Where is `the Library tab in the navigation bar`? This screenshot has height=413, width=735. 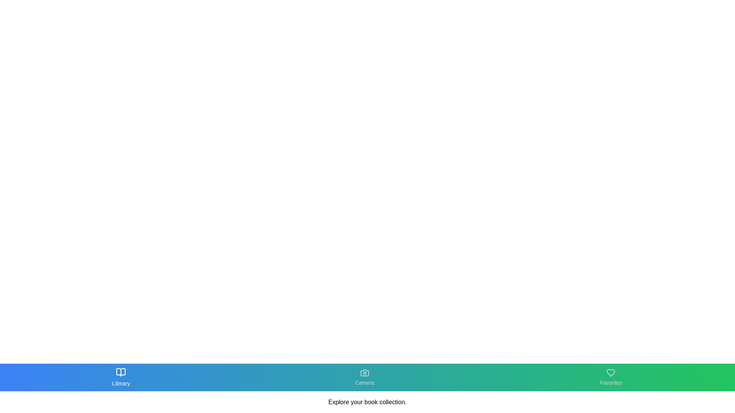
the Library tab in the navigation bar is located at coordinates (121, 377).